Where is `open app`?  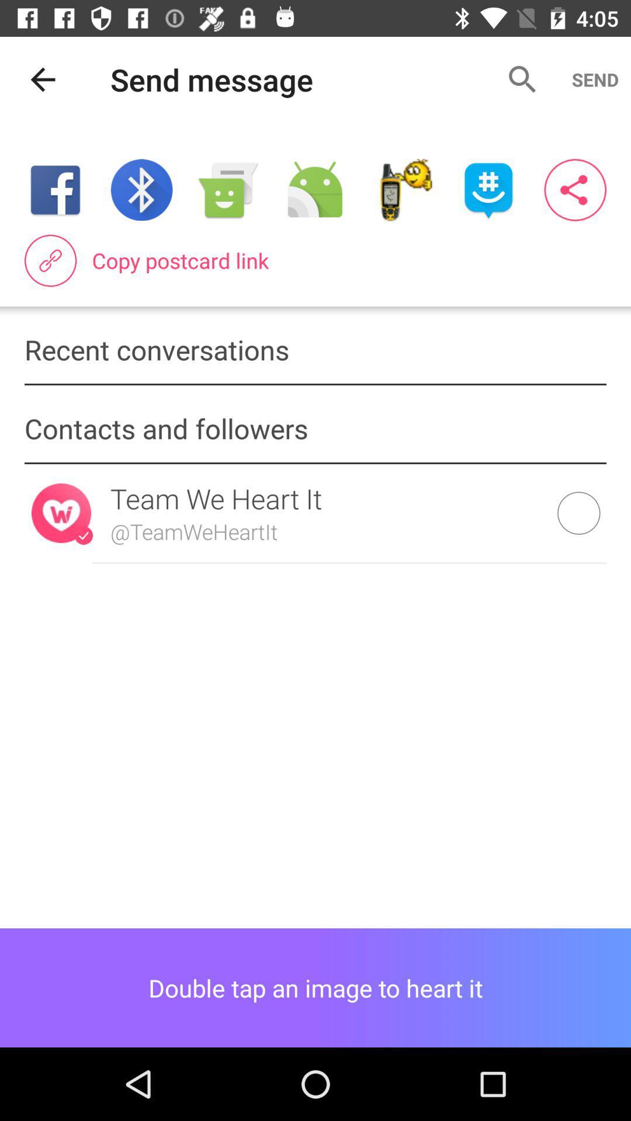 open app is located at coordinates (488, 190).